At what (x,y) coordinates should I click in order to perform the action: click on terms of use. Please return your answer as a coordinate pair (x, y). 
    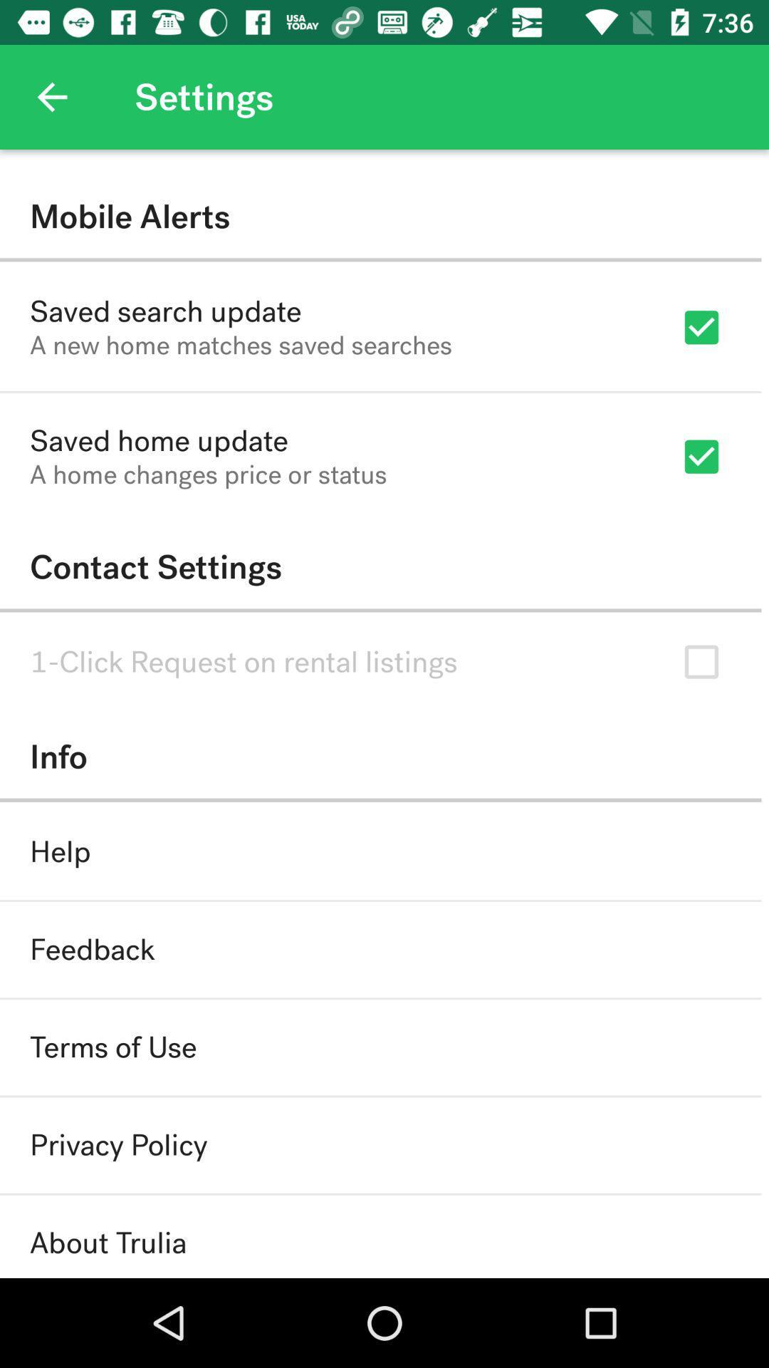
    Looking at the image, I should click on (113, 1047).